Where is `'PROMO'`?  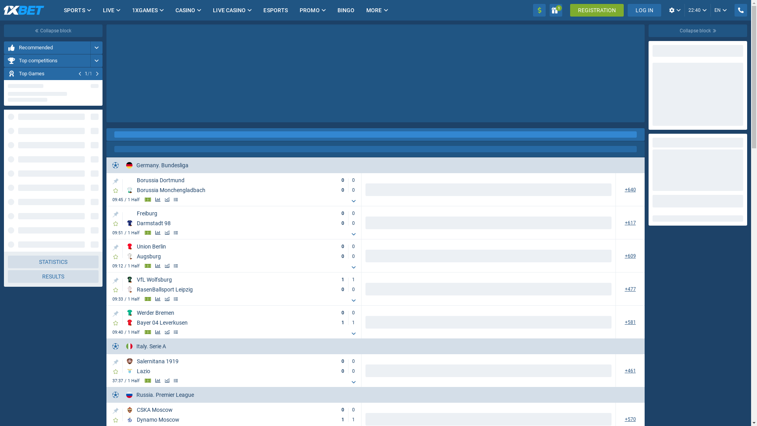 'PROMO' is located at coordinates (309, 10).